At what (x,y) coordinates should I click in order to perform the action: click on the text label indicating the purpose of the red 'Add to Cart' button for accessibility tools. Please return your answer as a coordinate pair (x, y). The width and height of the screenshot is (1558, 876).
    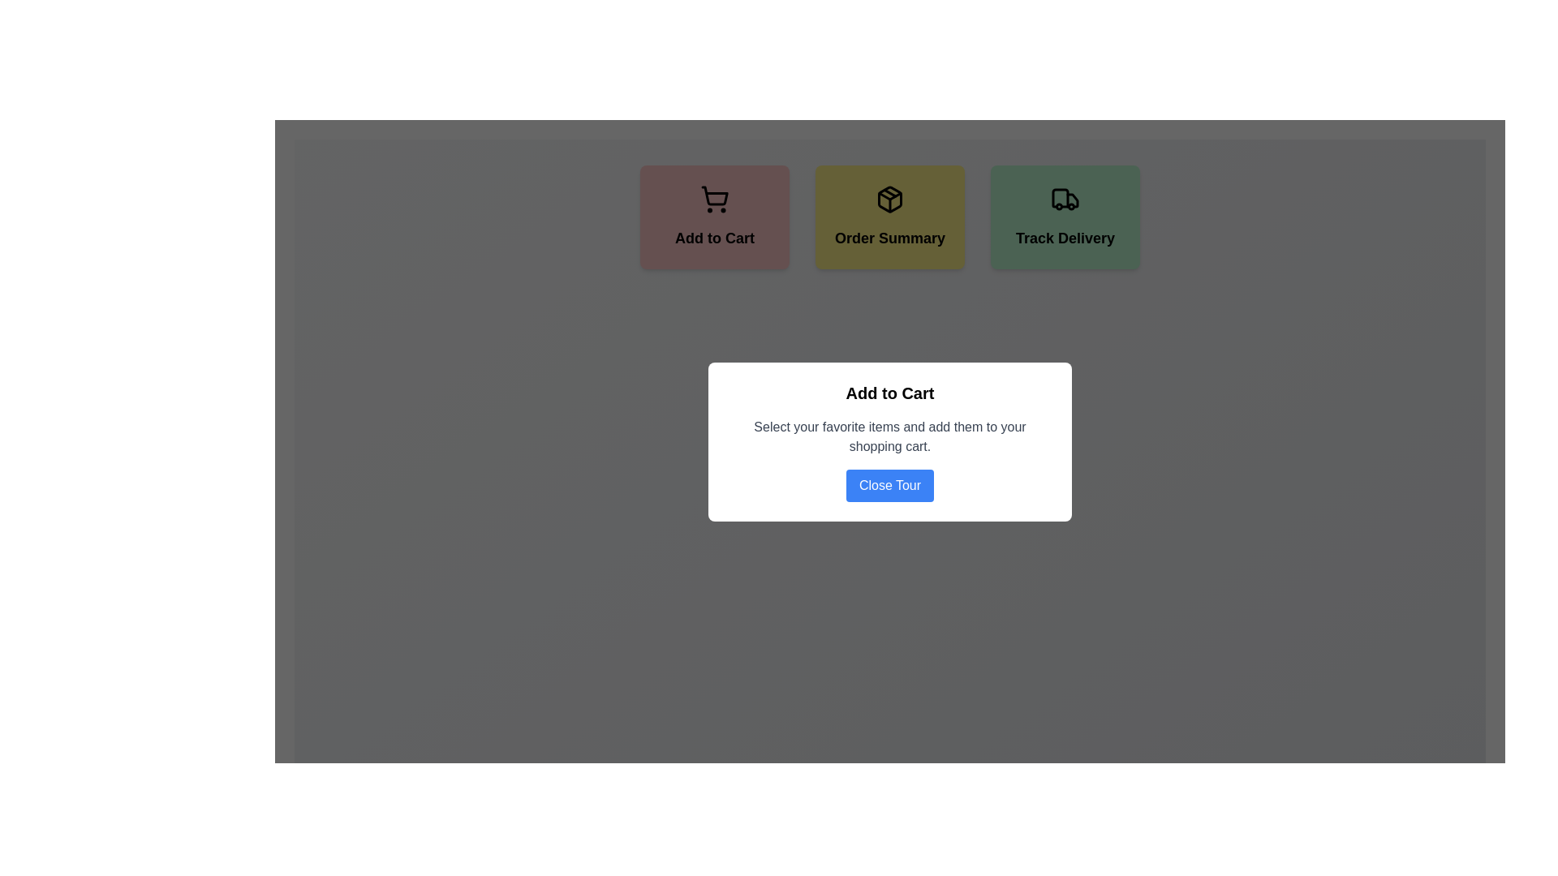
    Looking at the image, I should click on (714, 238).